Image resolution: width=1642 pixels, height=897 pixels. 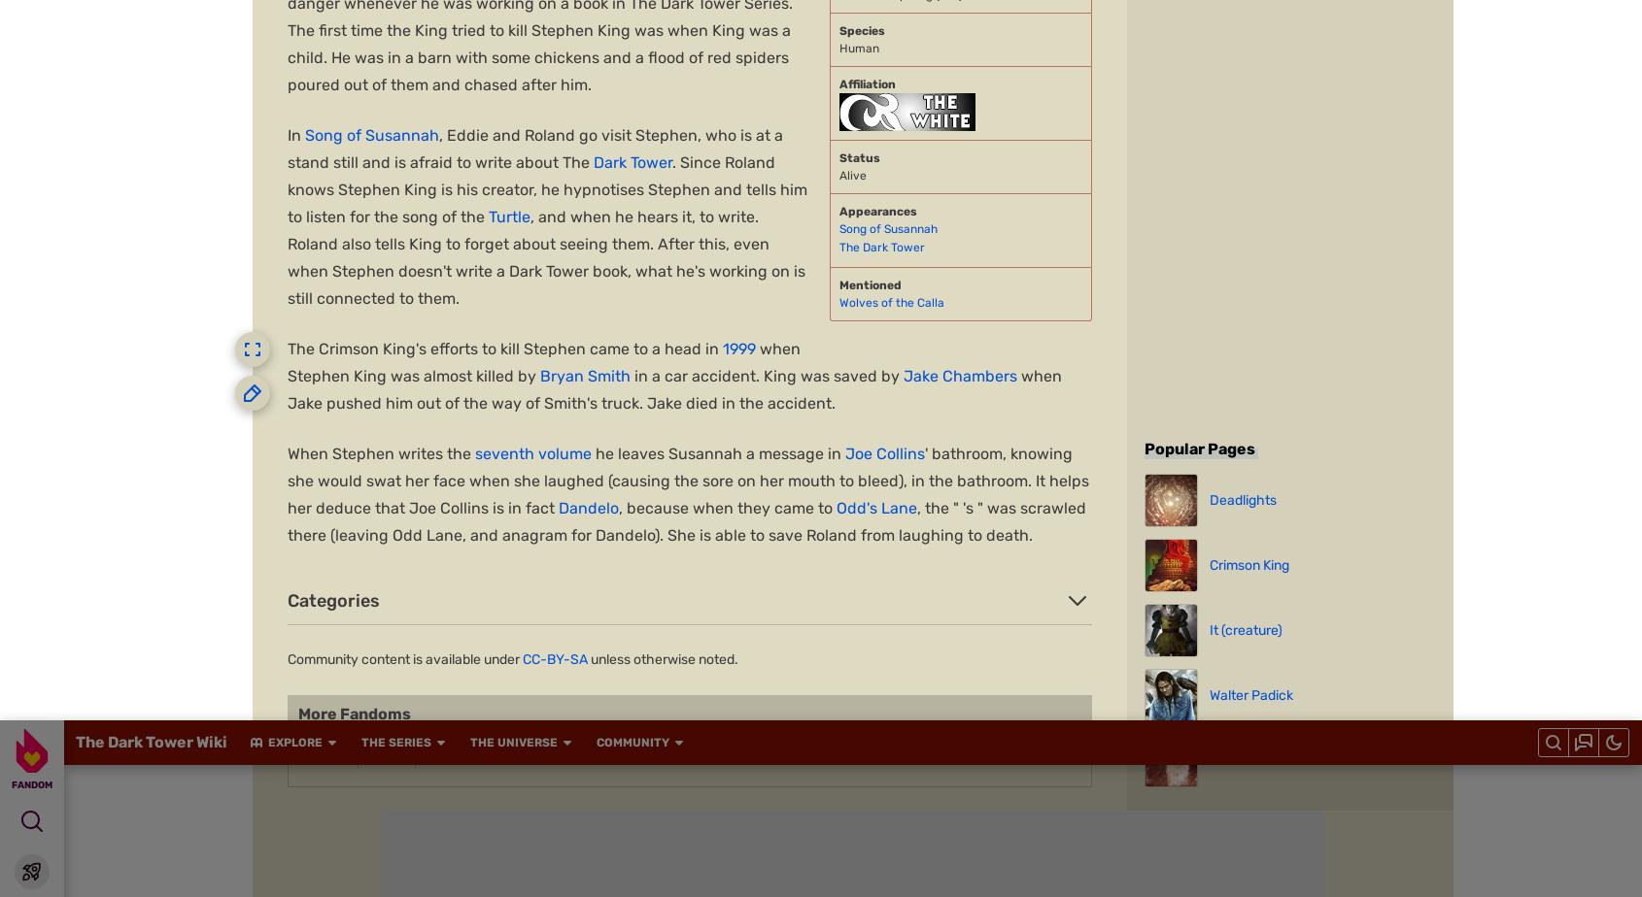 What do you see at coordinates (875, 755) in the screenshot?
I see `'Help'` at bounding box center [875, 755].